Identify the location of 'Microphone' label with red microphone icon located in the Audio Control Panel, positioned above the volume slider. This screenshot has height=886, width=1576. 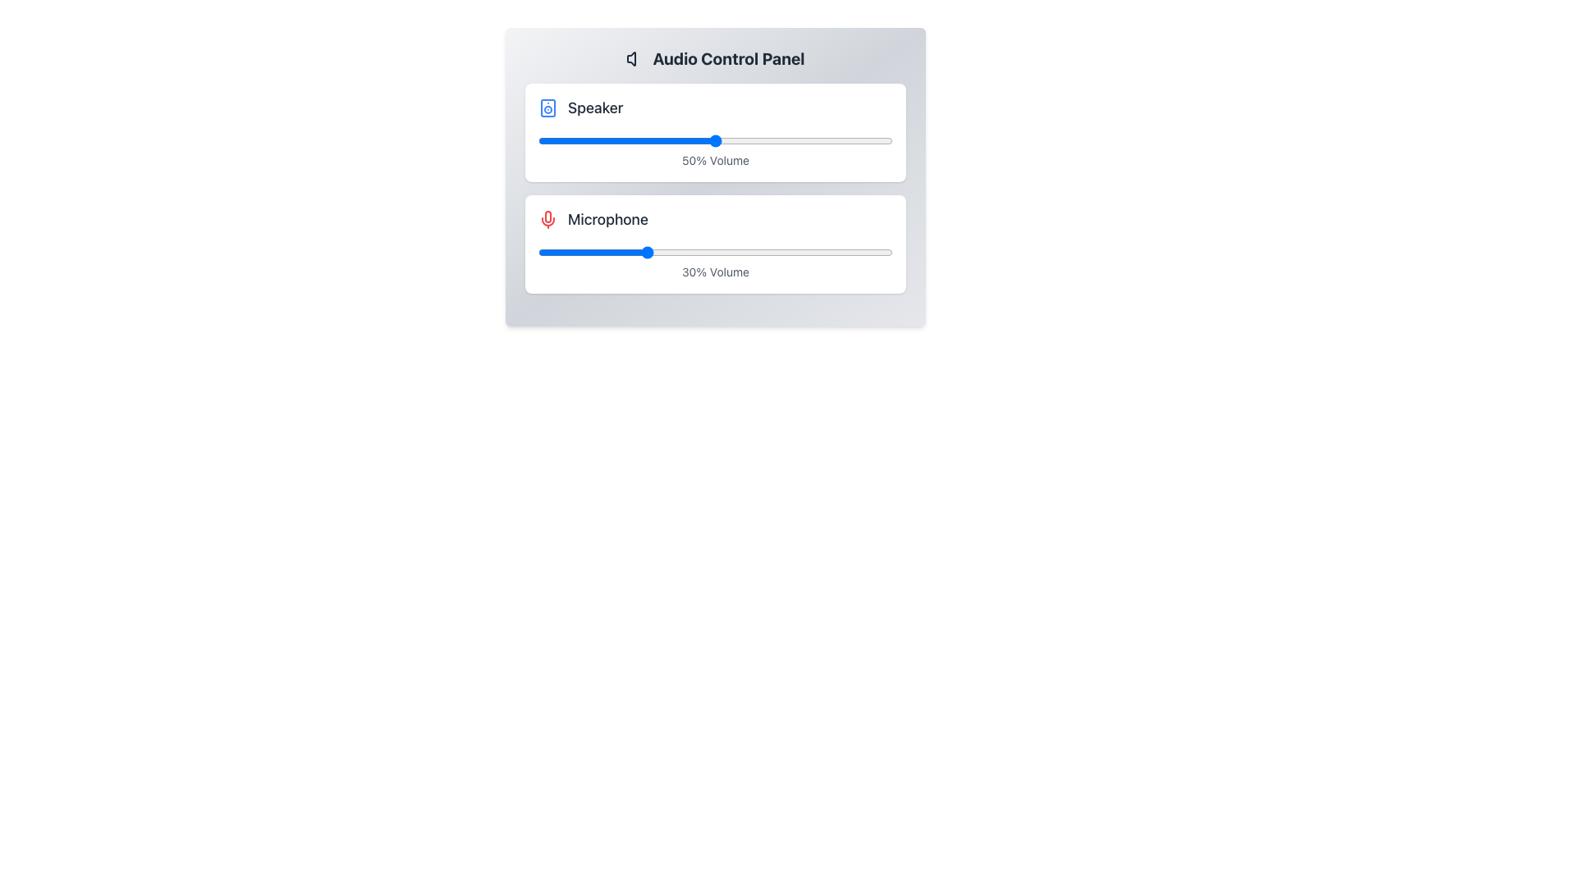
(716, 218).